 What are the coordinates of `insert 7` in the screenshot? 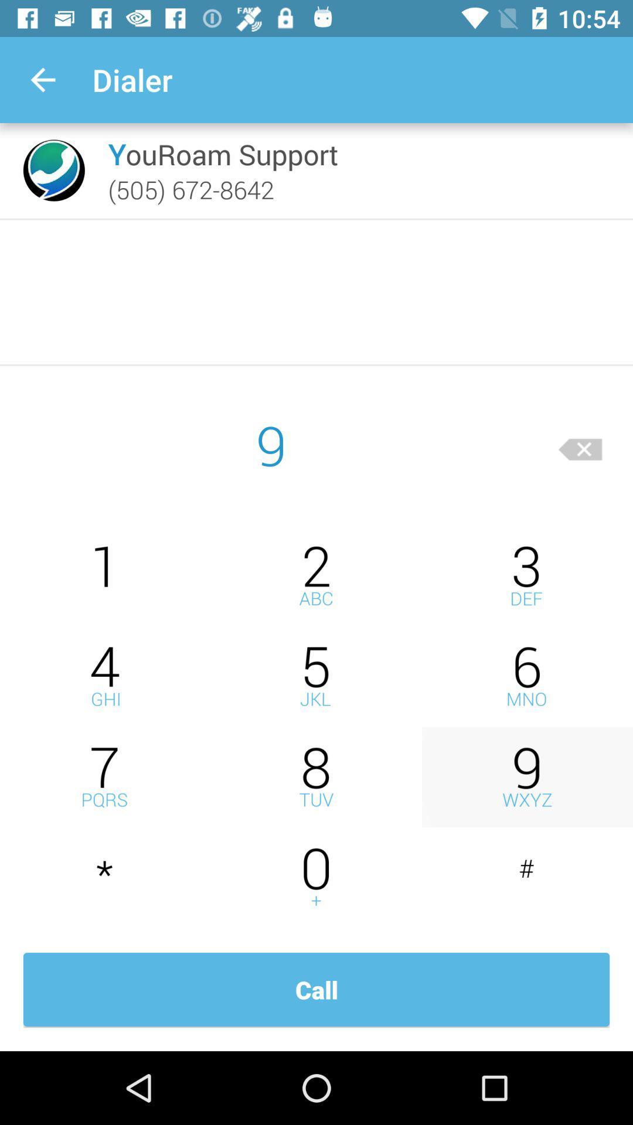 It's located at (105, 777).